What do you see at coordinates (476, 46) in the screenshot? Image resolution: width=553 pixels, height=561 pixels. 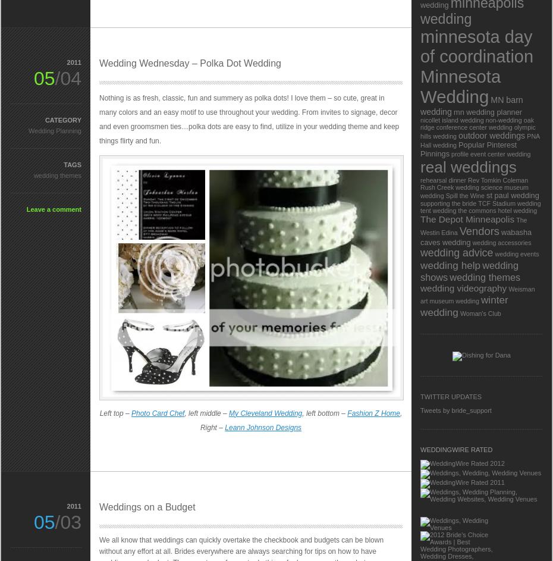 I see `'minnesota day of coordination'` at bounding box center [476, 46].